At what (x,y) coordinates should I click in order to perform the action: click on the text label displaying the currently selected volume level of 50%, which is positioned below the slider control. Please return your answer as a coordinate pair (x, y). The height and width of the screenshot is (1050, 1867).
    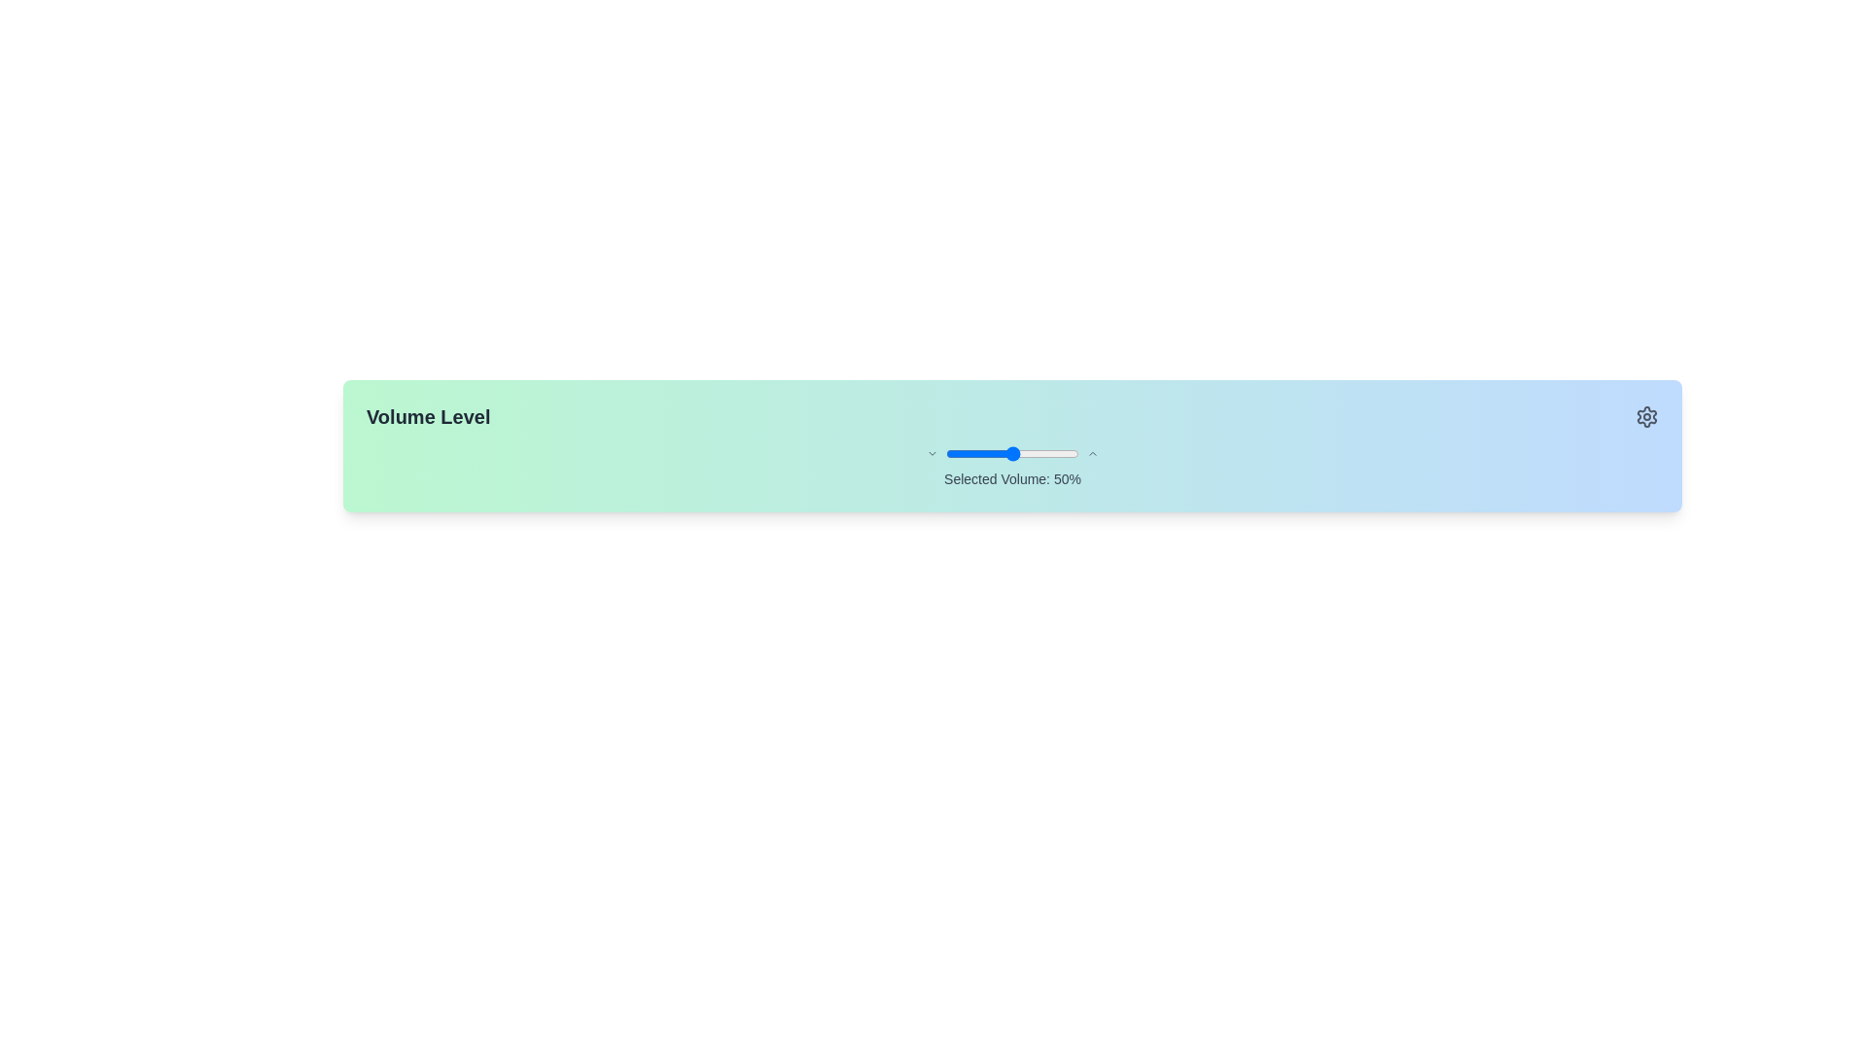
    Looking at the image, I should click on (1011, 479).